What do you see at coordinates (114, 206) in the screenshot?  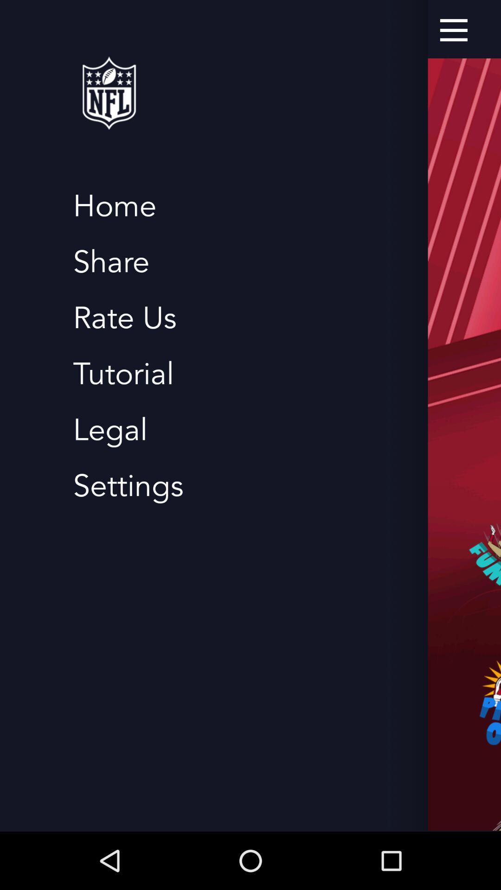 I see `home icon` at bounding box center [114, 206].